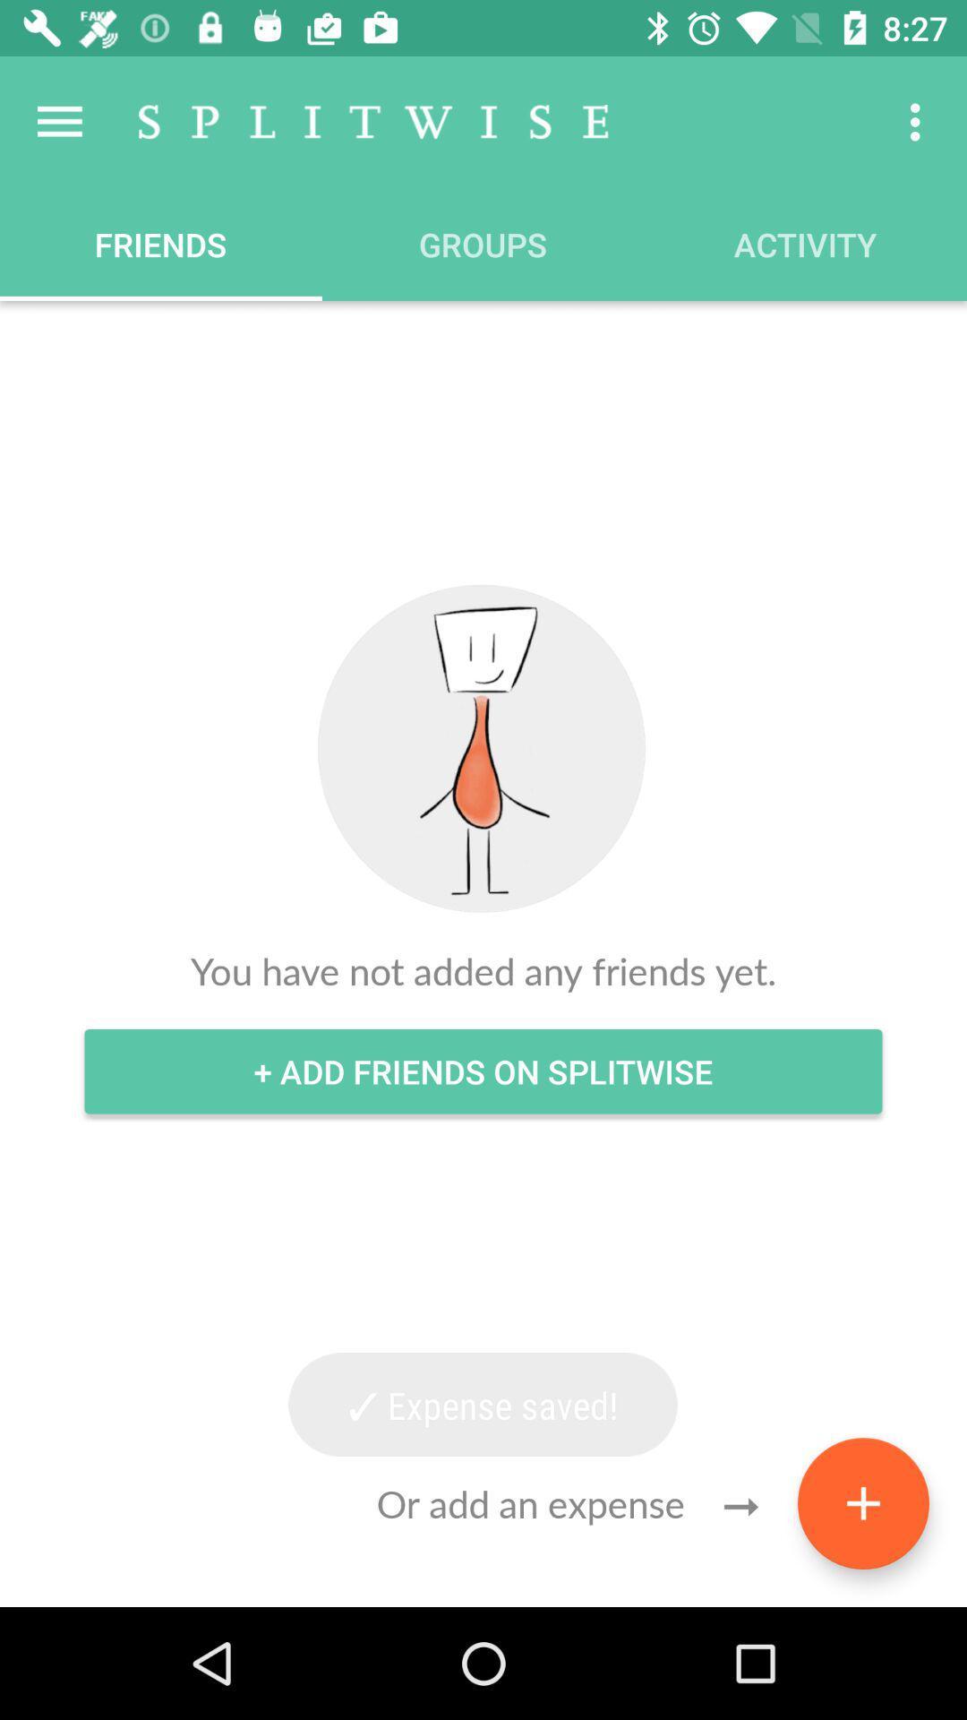  I want to click on the add icon, so click(862, 1503).